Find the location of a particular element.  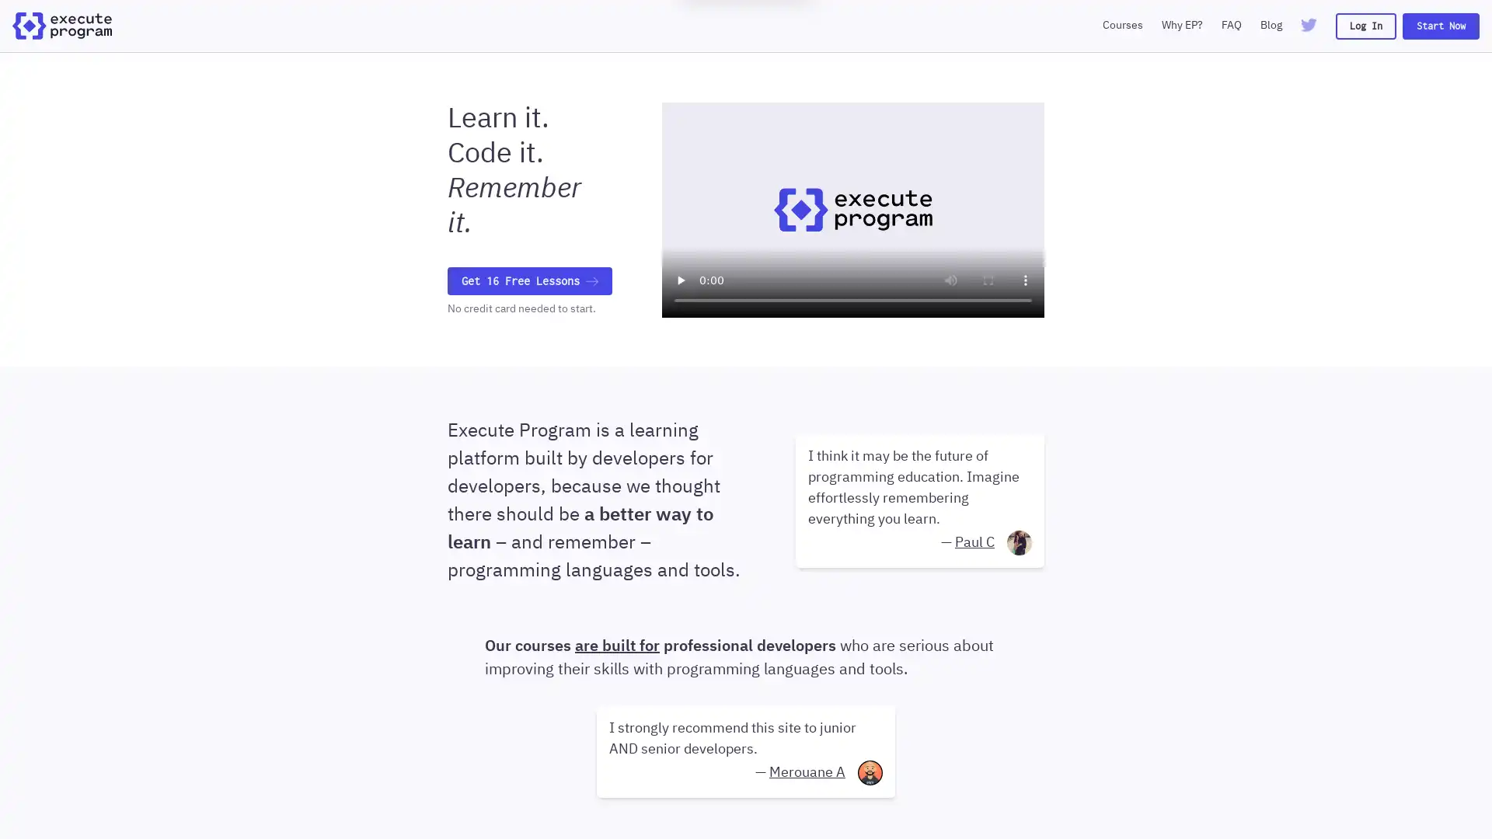

enter full screen is located at coordinates (988, 278).